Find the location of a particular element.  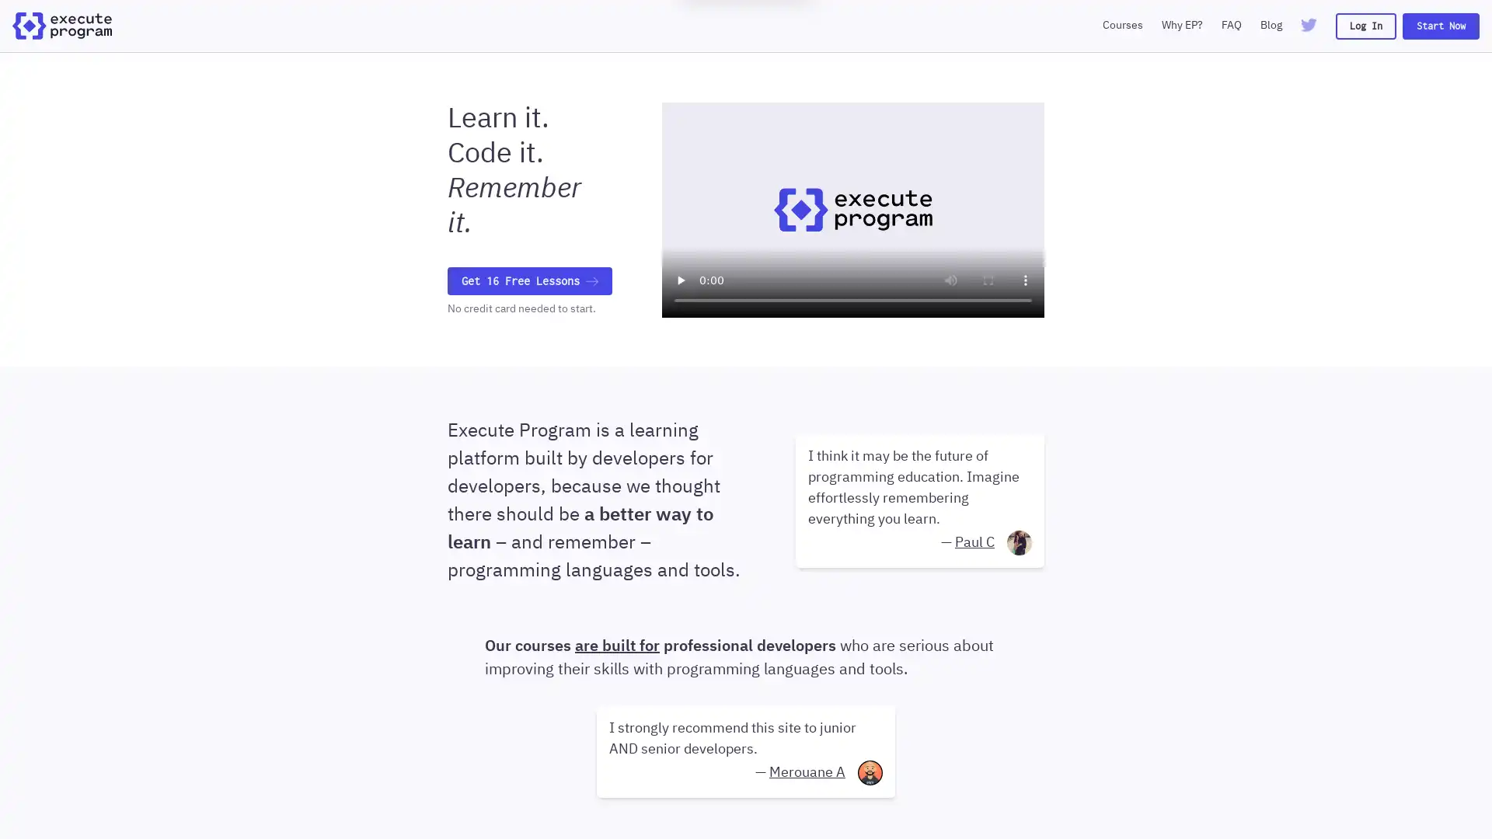

enter full screen is located at coordinates (988, 278).